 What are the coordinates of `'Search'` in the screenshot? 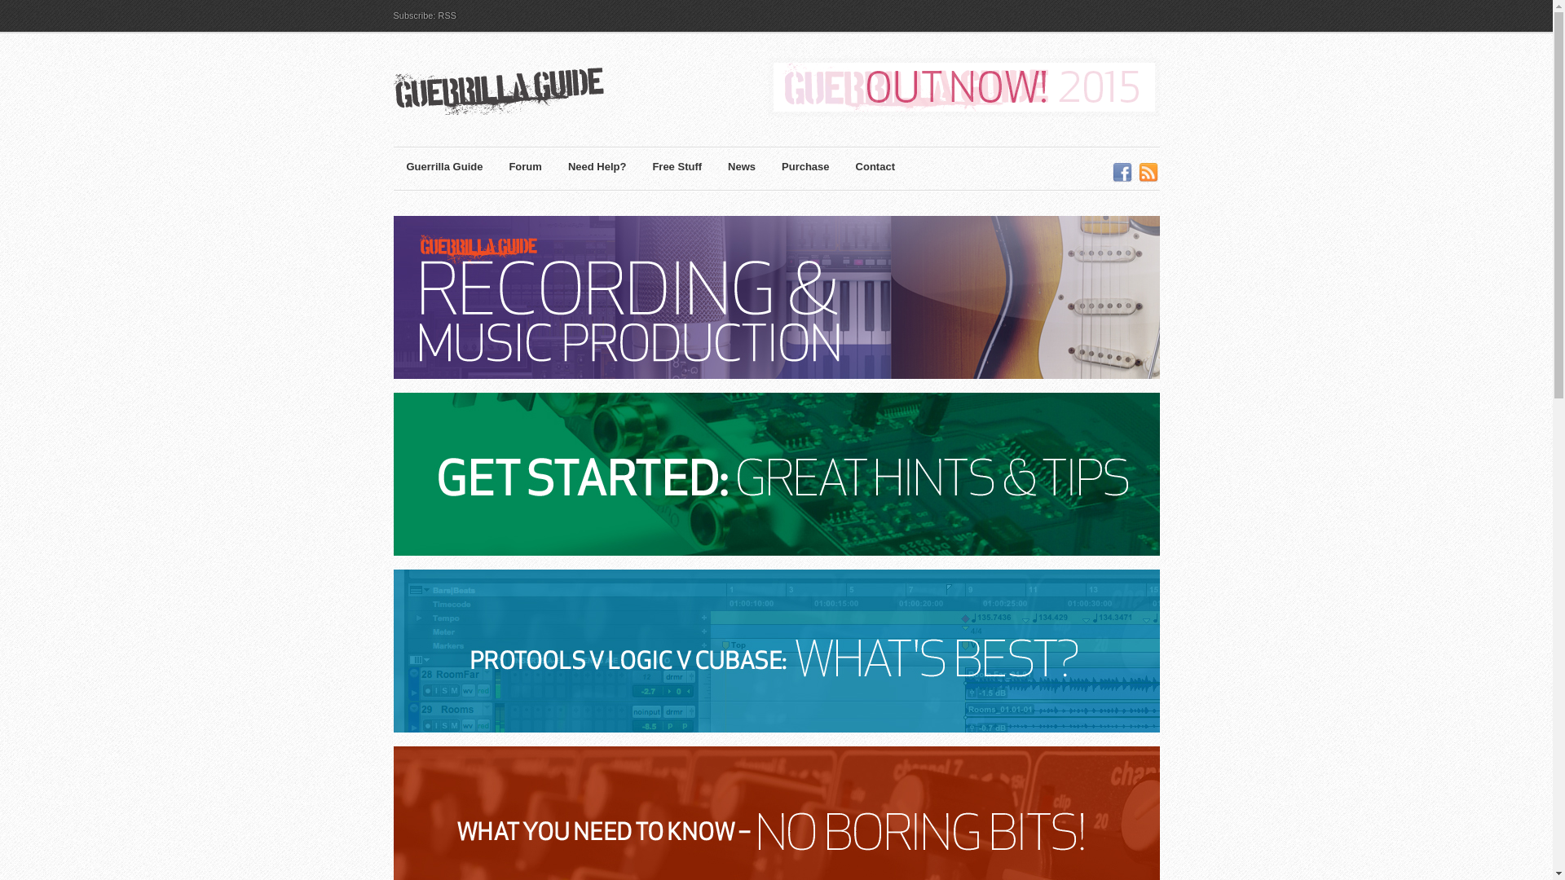 It's located at (24, 17).